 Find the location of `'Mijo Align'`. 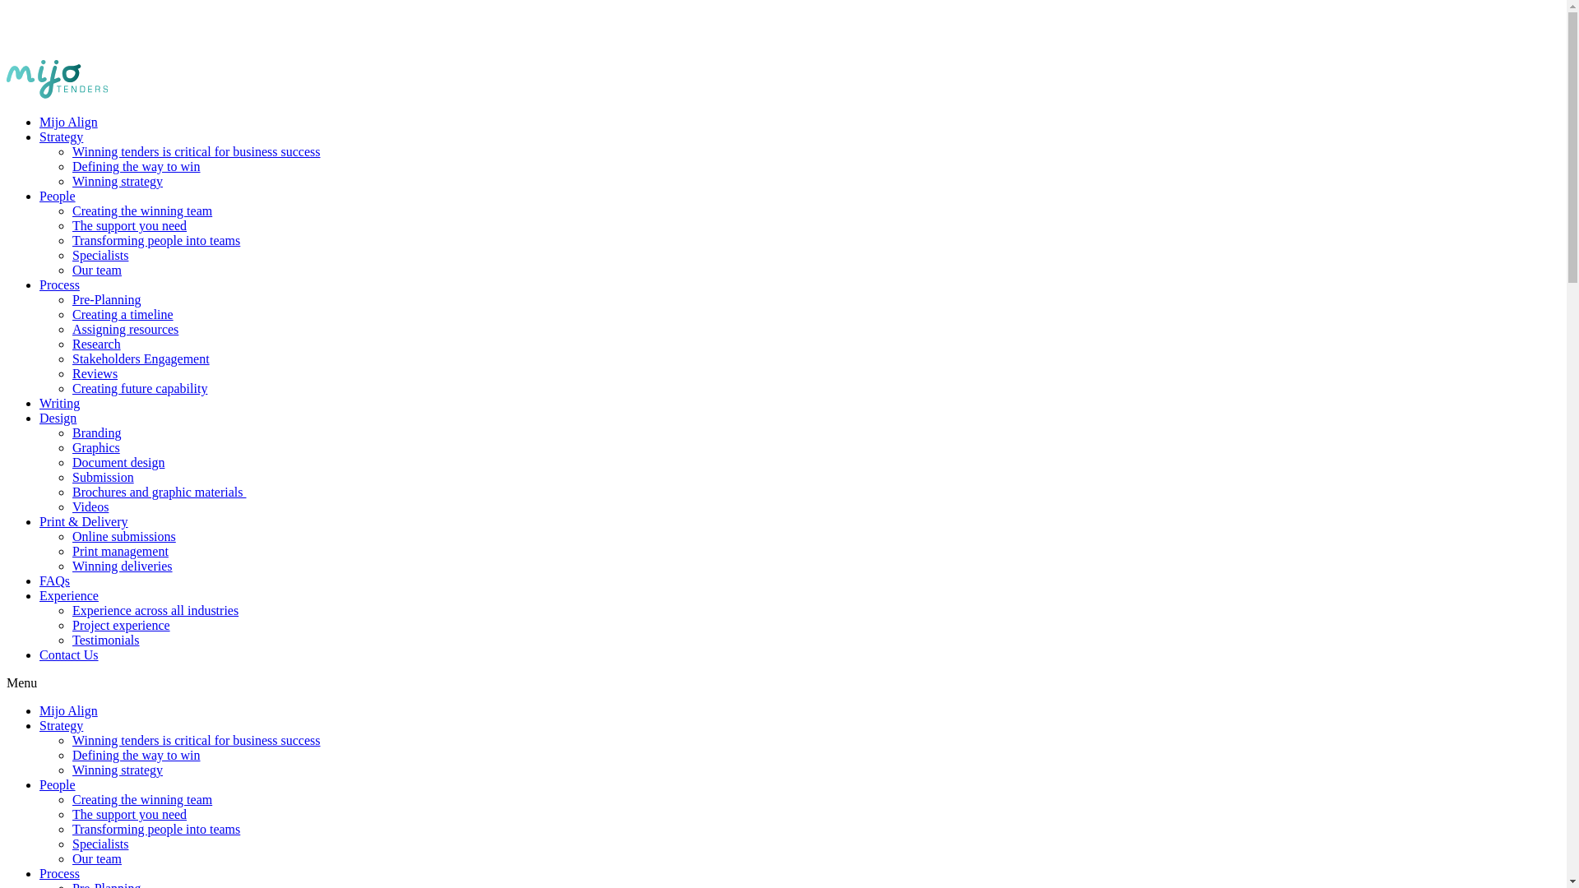

'Mijo Align' is located at coordinates (67, 710).